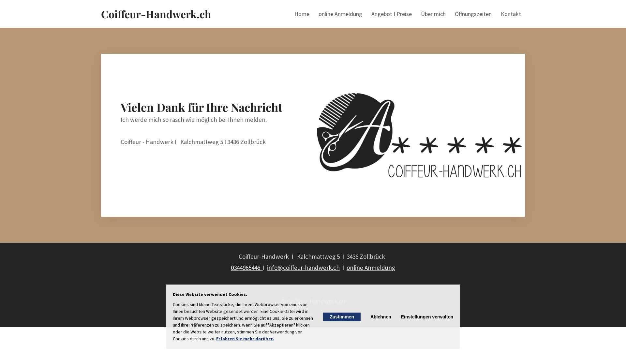  I want to click on 'info@coiffeur-handwerk.ch', so click(303, 268).